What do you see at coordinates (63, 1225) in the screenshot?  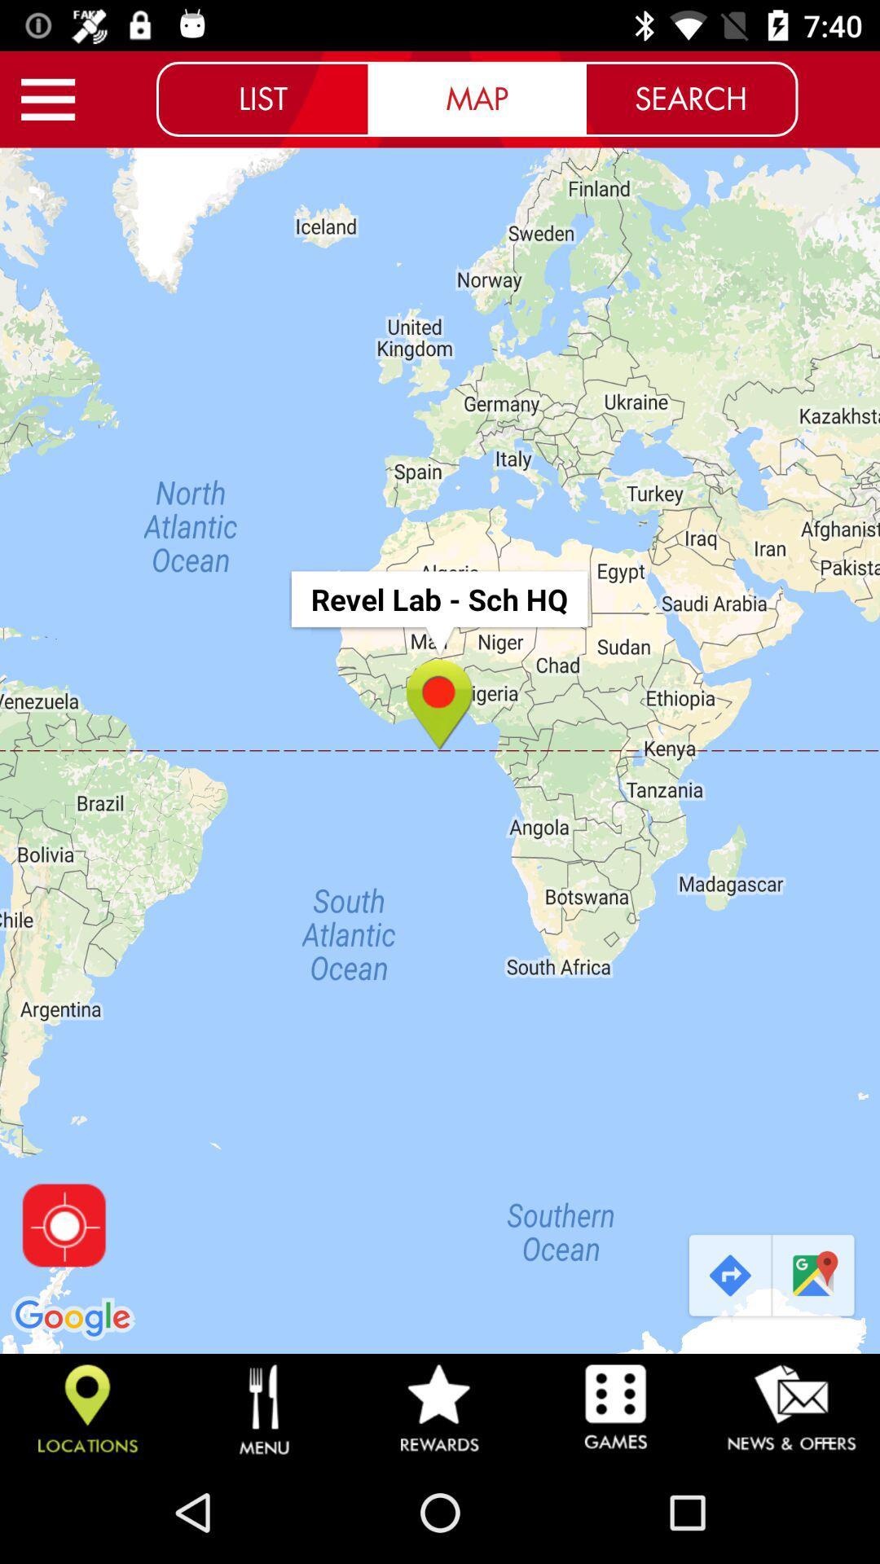 I see `geo location` at bounding box center [63, 1225].